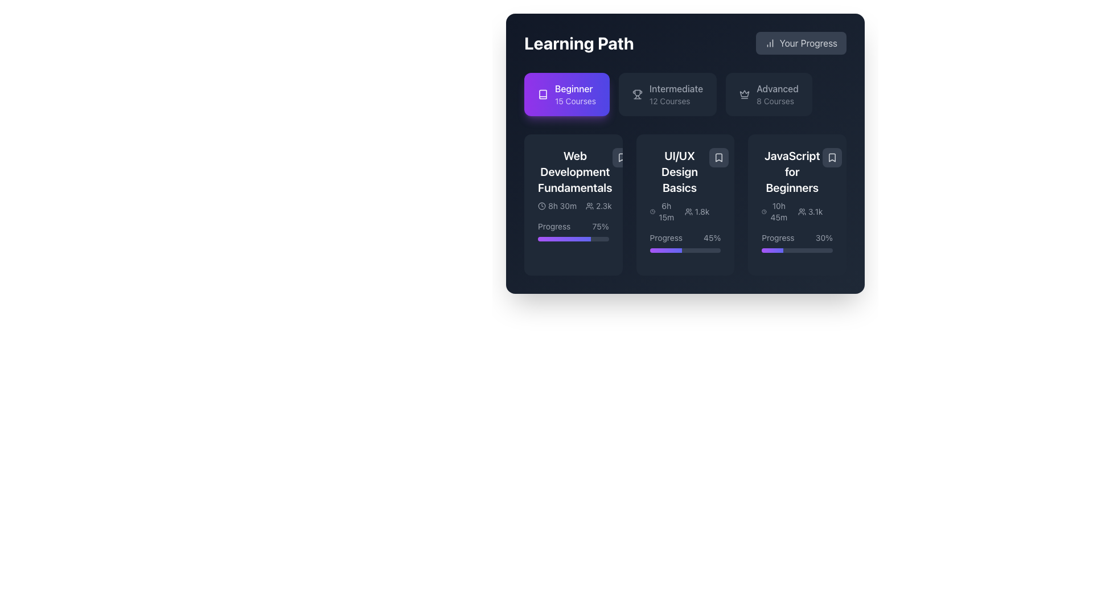 This screenshot has height=615, width=1093. What do you see at coordinates (676, 100) in the screenshot?
I see `the text label that displays the number of courses available under the 'Intermediate' category, located directly beneath the 'Intermediate' label` at bounding box center [676, 100].